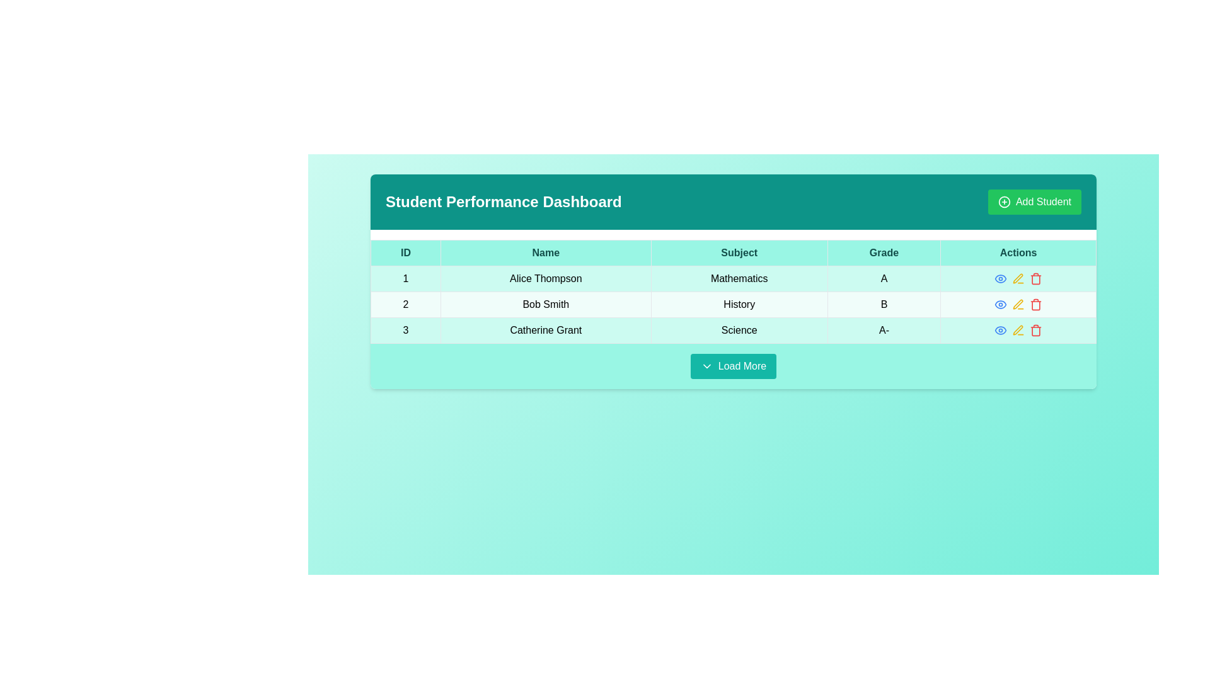  What do you see at coordinates (733, 329) in the screenshot?
I see `the table row displaying the information for 'Catherine Grant', which is located in the third row of the data table under the 'Student Performance Dashboard' heading` at bounding box center [733, 329].